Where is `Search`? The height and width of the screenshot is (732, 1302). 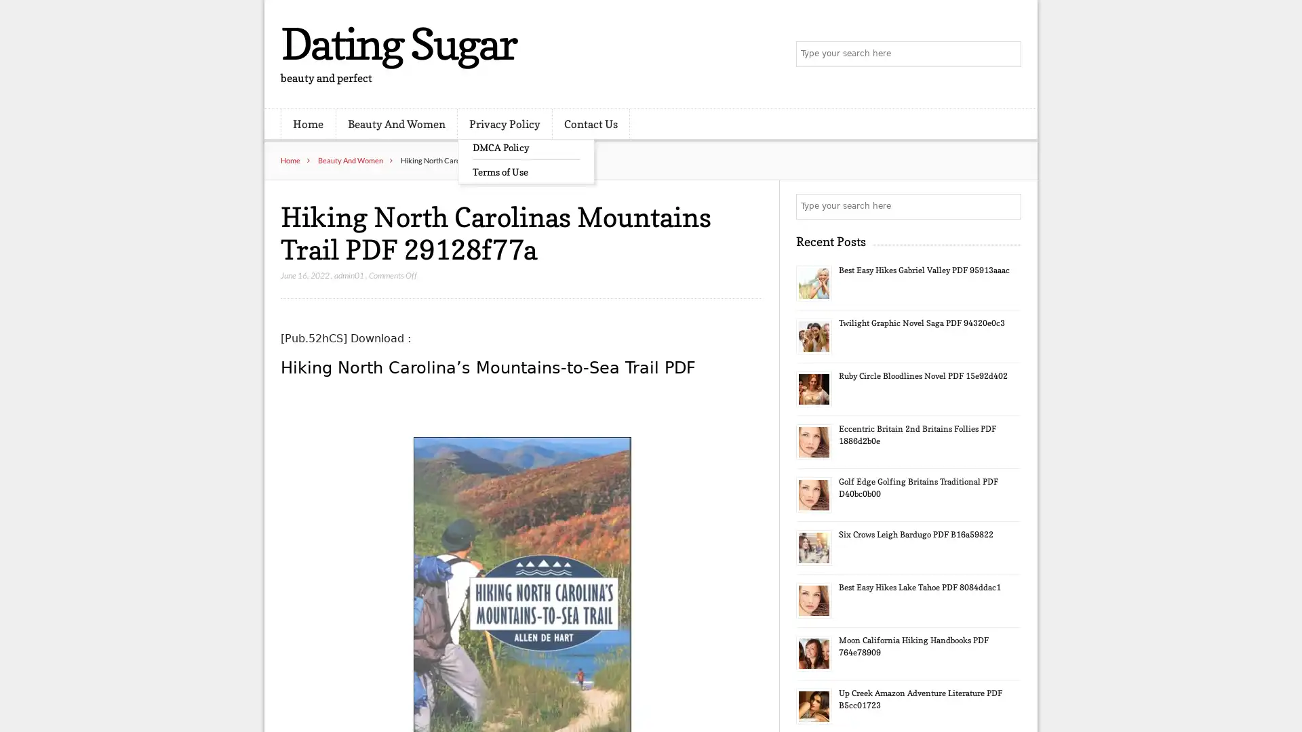 Search is located at coordinates (1007, 206).